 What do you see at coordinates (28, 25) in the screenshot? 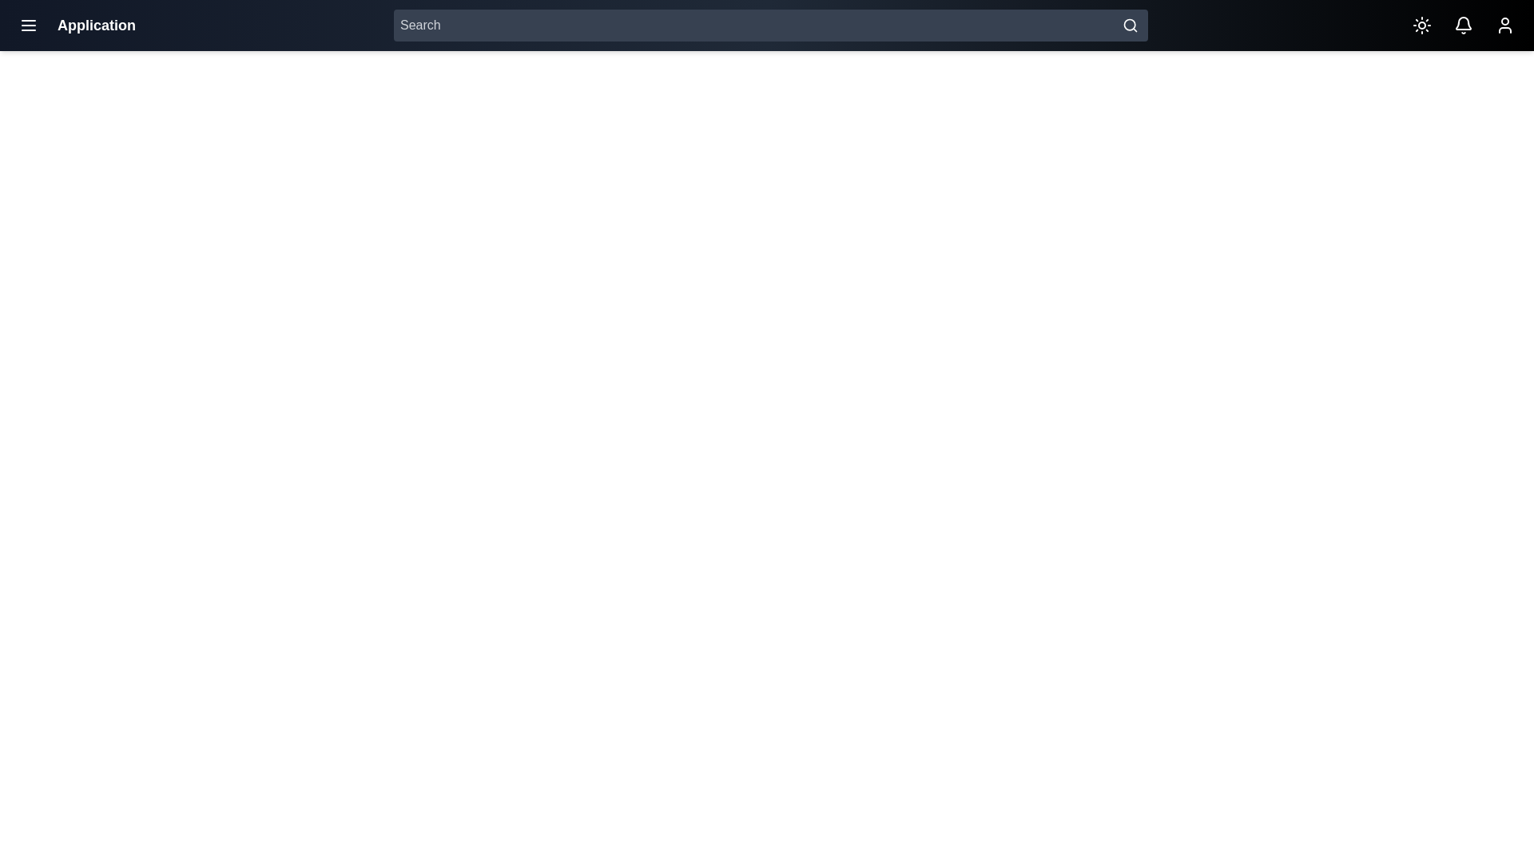
I see `the menu icon to toggle the sidebar` at bounding box center [28, 25].